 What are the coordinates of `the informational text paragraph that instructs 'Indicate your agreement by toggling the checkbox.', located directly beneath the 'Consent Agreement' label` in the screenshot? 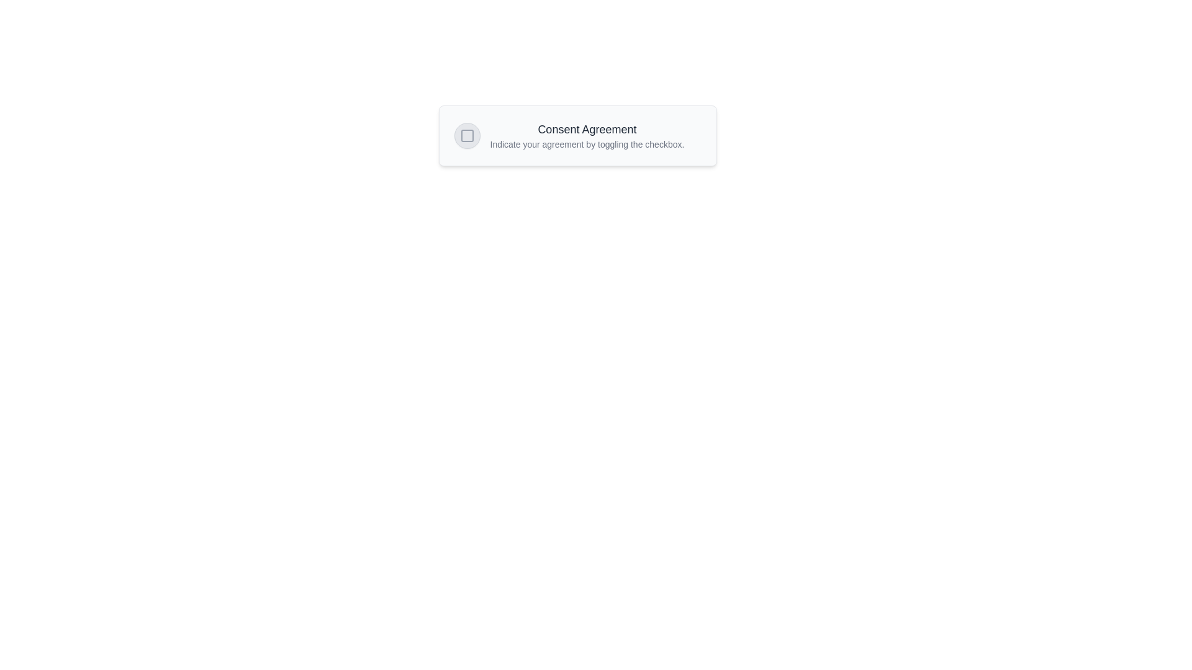 It's located at (586, 143).